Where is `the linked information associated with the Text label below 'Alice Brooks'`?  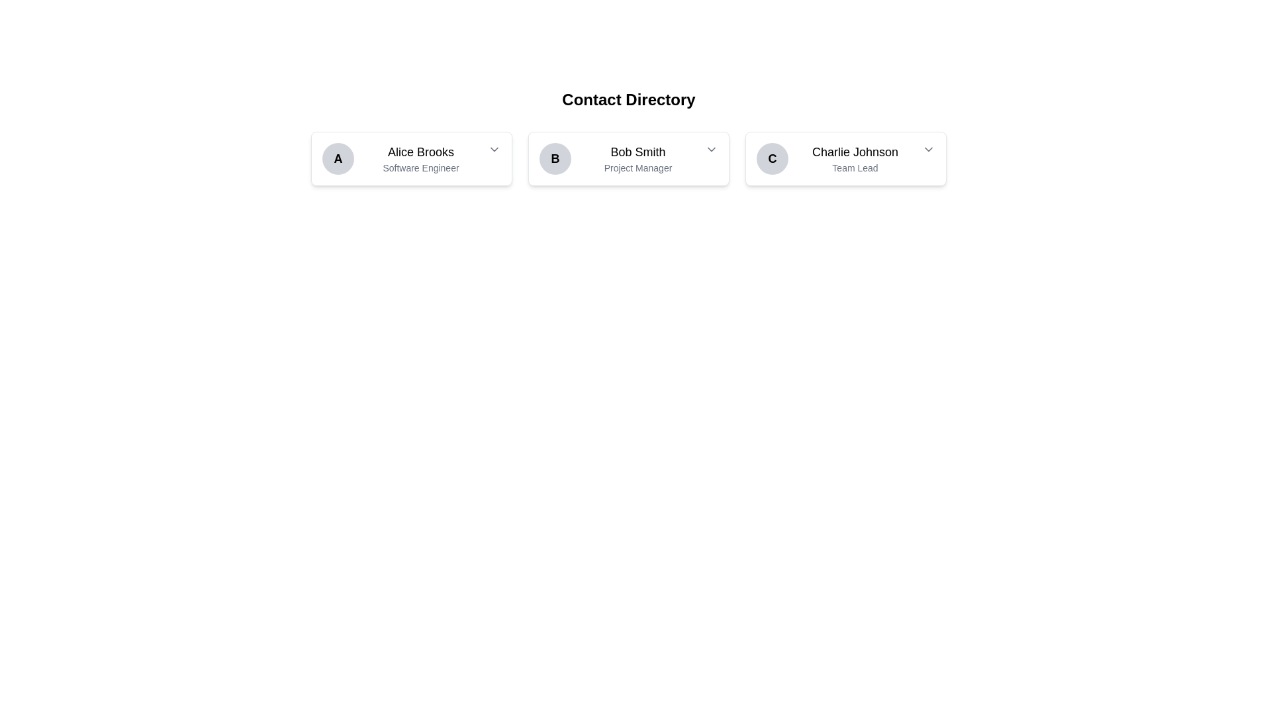 the linked information associated with the Text label below 'Alice Brooks' is located at coordinates (420, 167).